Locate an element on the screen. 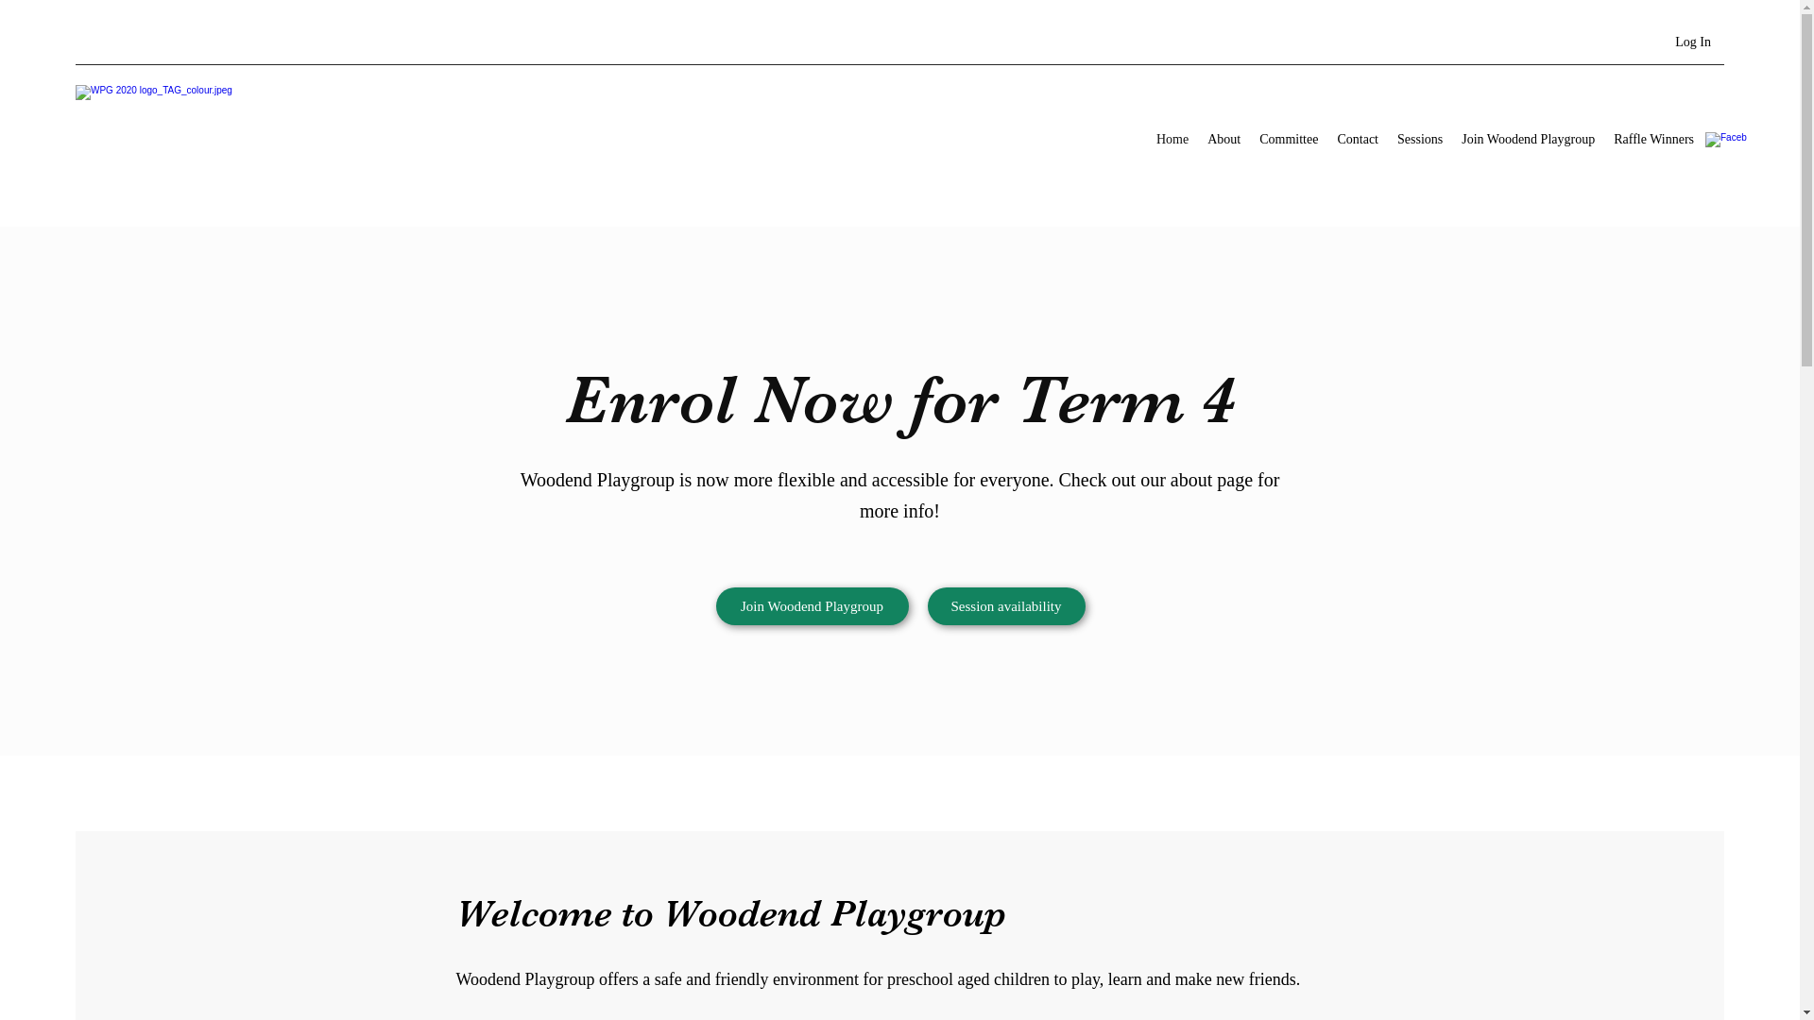 This screenshot has width=1814, height=1020. 'Join Woodend Playgroup' is located at coordinates (1528, 141).